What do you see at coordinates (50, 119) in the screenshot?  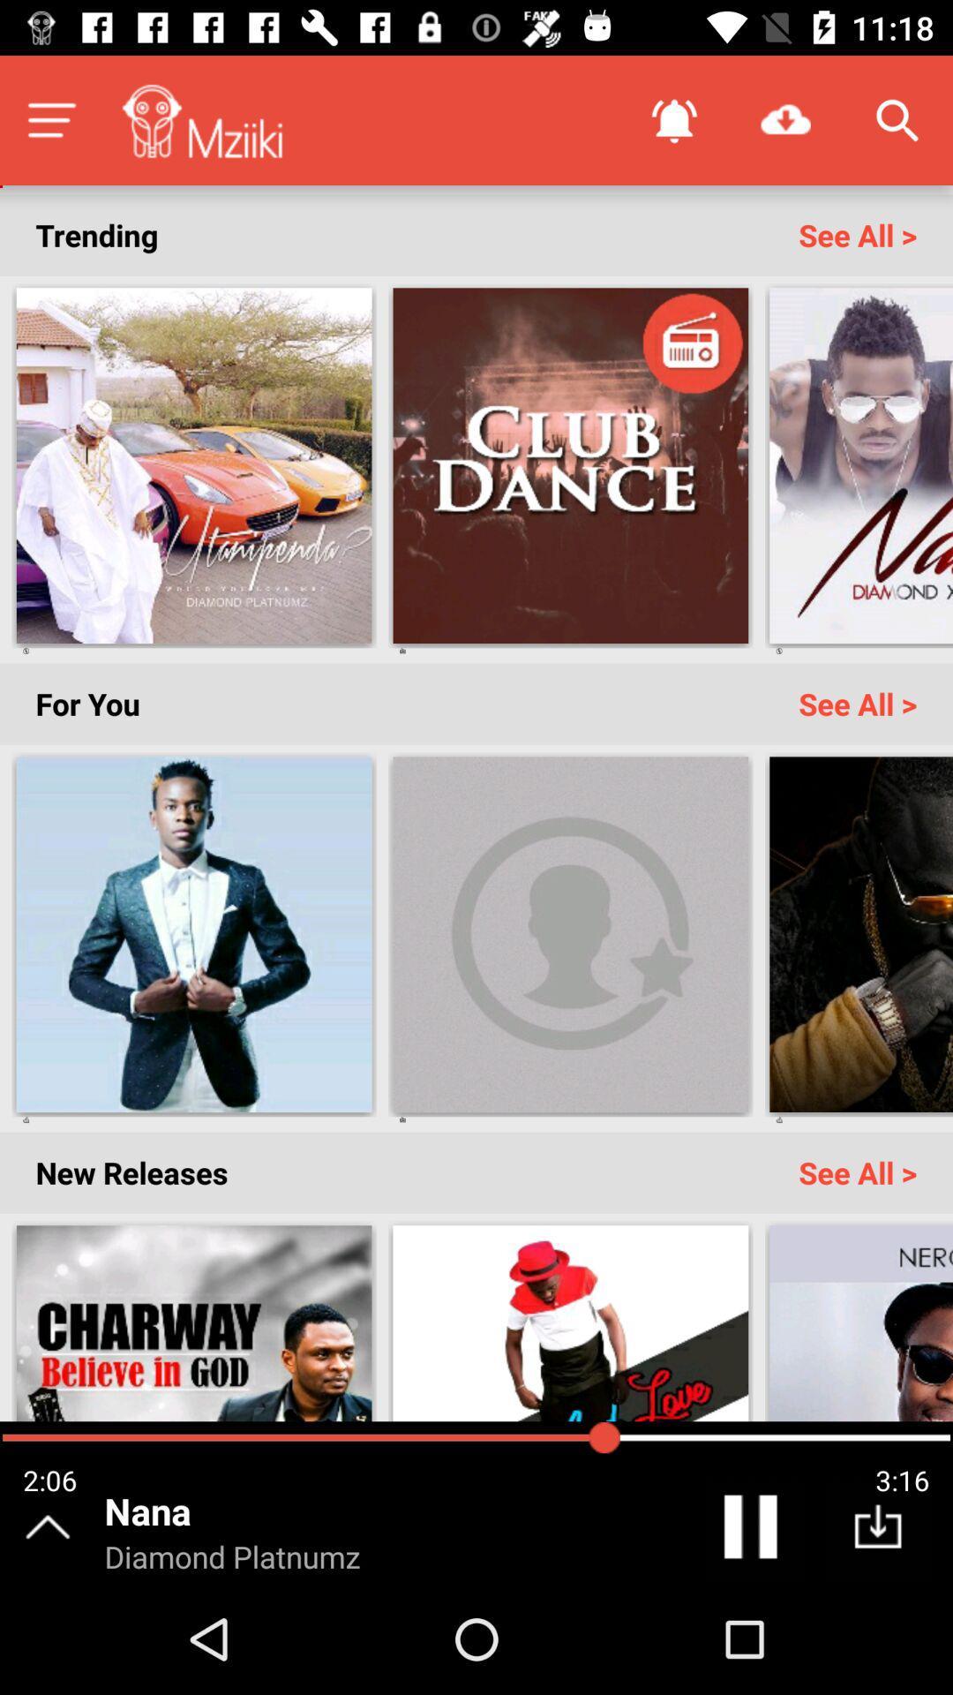 I see `open options menu` at bounding box center [50, 119].